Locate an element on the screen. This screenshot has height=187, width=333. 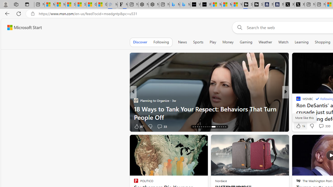
'91 Like' is located at coordinates (299, 126).